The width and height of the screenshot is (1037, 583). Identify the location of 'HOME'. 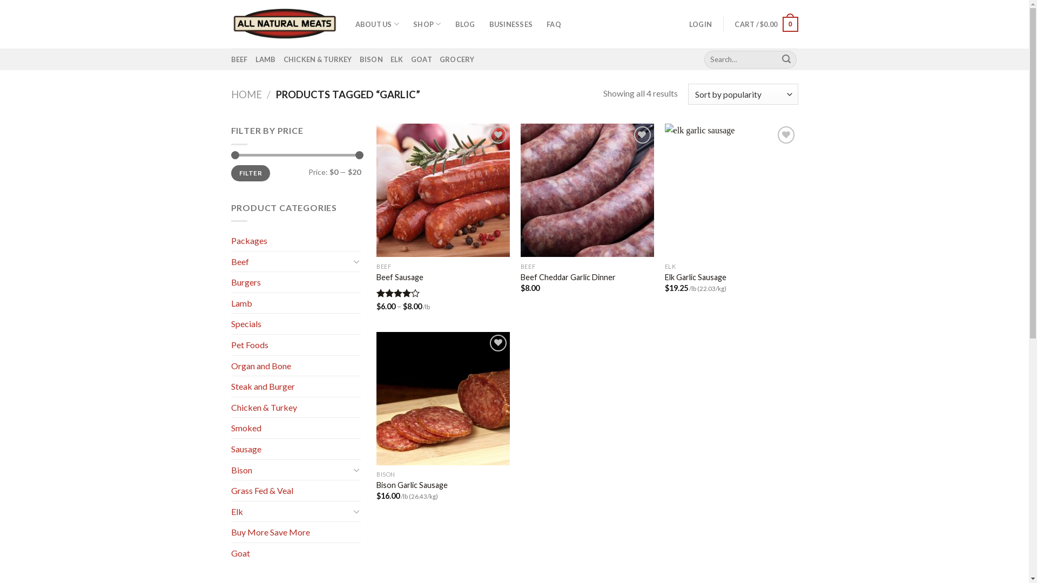
(246, 93).